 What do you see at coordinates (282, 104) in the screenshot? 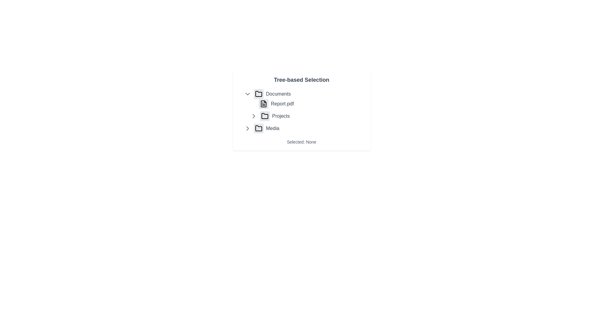
I see `the text label displaying 'Report.pdf' in gray, located under the 'Documents' folder in the tree-based navigation interface` at bounding box center [282, 104].